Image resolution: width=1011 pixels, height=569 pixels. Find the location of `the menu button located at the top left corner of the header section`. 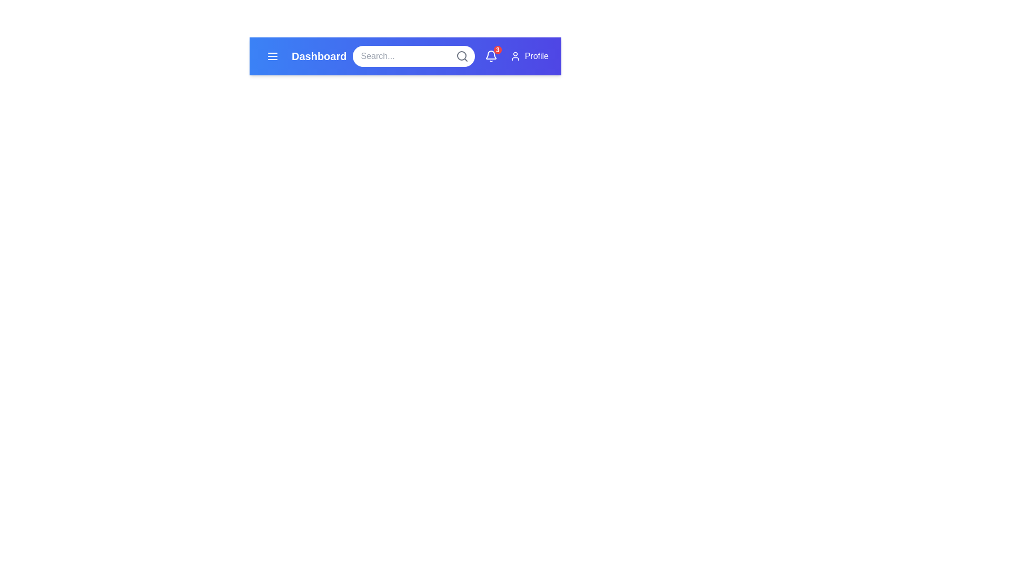

the menu button located at the top left corner of the header section is located at coordinates (273, 56).